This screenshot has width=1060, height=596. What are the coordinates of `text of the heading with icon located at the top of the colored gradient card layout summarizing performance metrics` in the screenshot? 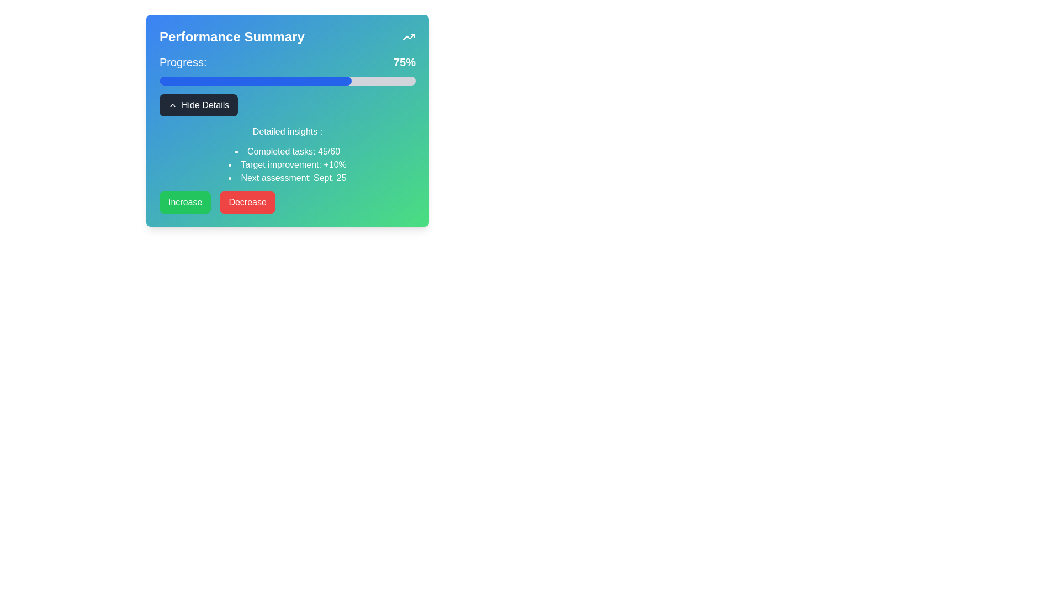 It's located at (288, 36).